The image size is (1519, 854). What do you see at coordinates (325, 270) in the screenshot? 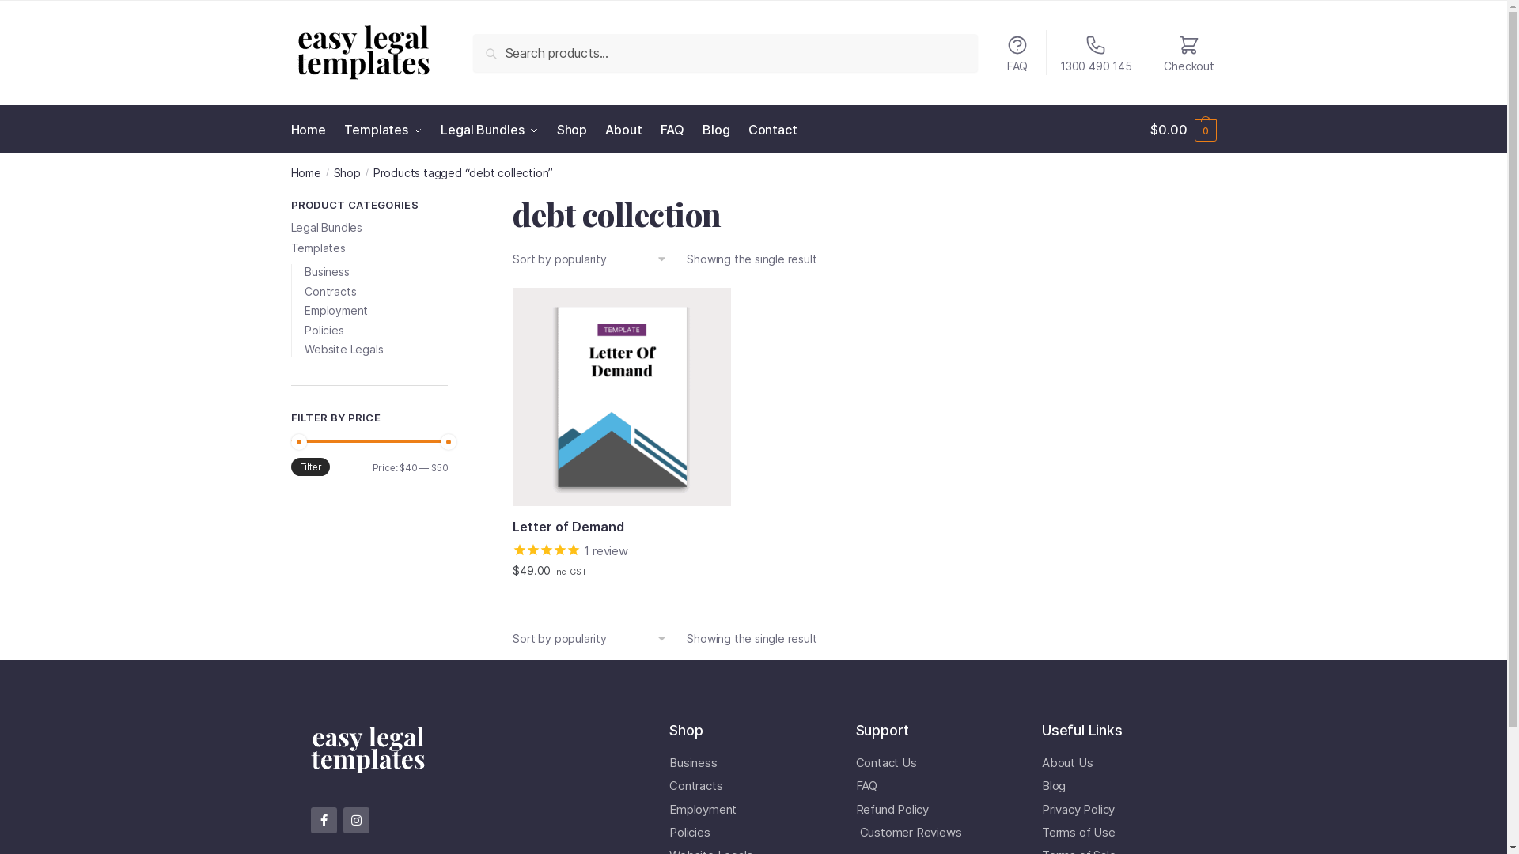
I see `'Business'` at bounding box center [325, 270].